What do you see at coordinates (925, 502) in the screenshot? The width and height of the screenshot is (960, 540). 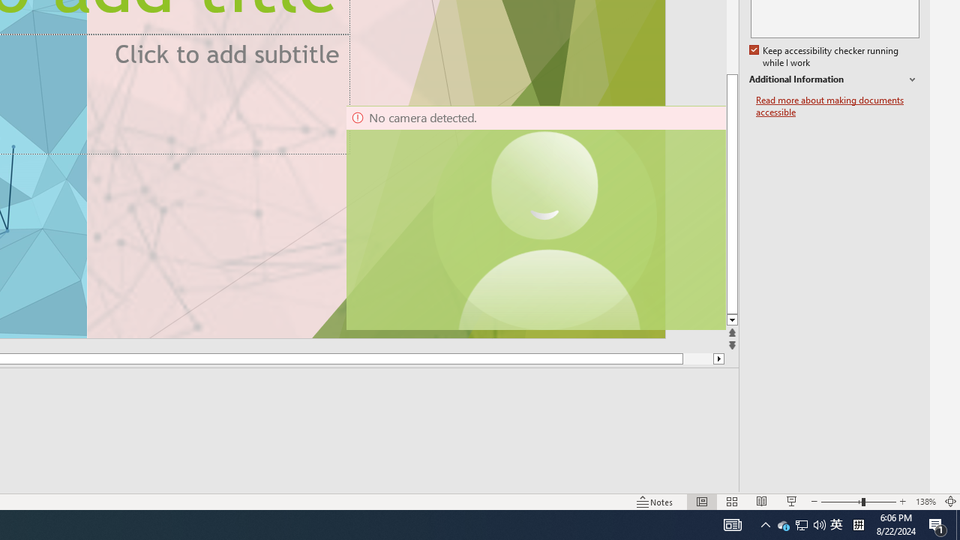 I see `'Zoom 138%'` at bounding box center [925, 502].